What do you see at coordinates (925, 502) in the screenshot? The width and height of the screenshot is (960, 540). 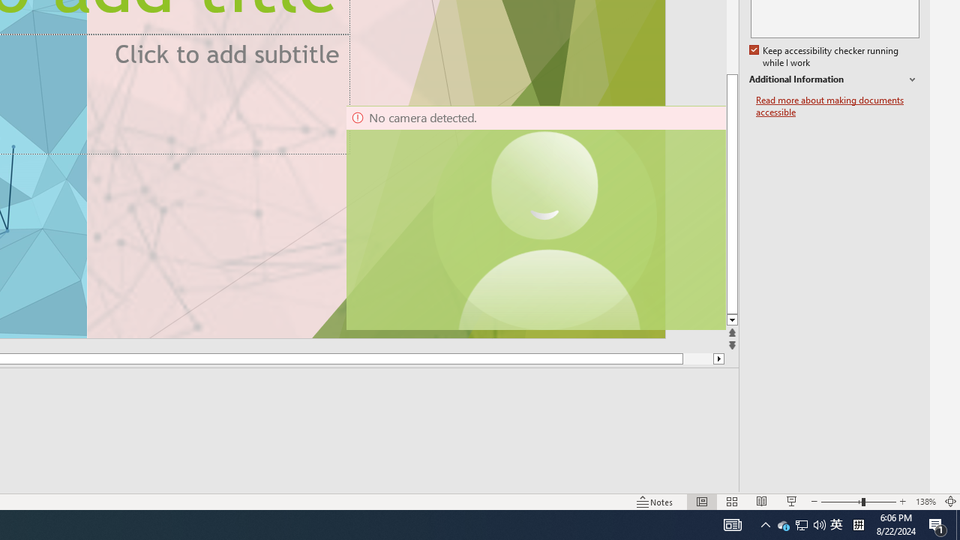 I see `'Zoom 138%'` at bounding box center [925, 502].